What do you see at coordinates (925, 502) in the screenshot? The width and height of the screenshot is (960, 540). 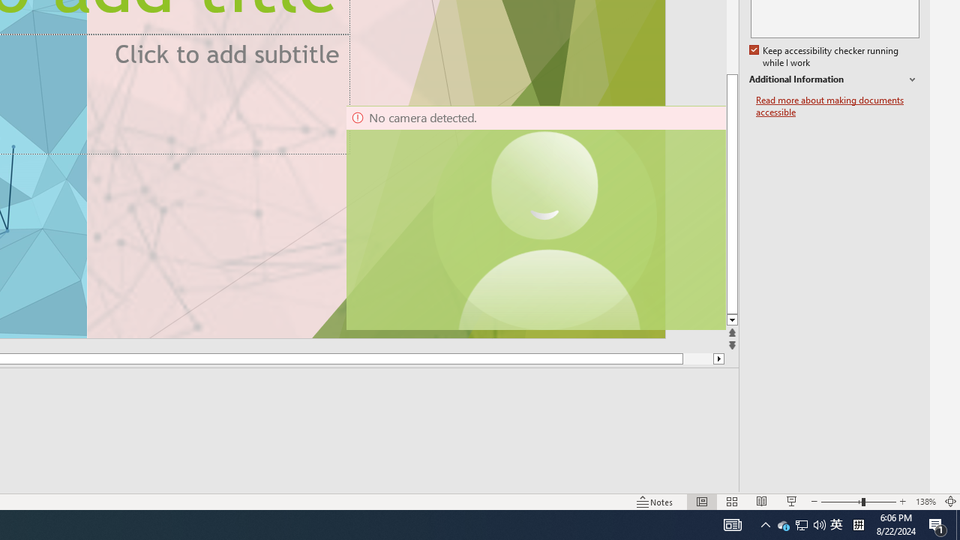 I see `'Zoom 138%'` at bounding box center [925, 502].